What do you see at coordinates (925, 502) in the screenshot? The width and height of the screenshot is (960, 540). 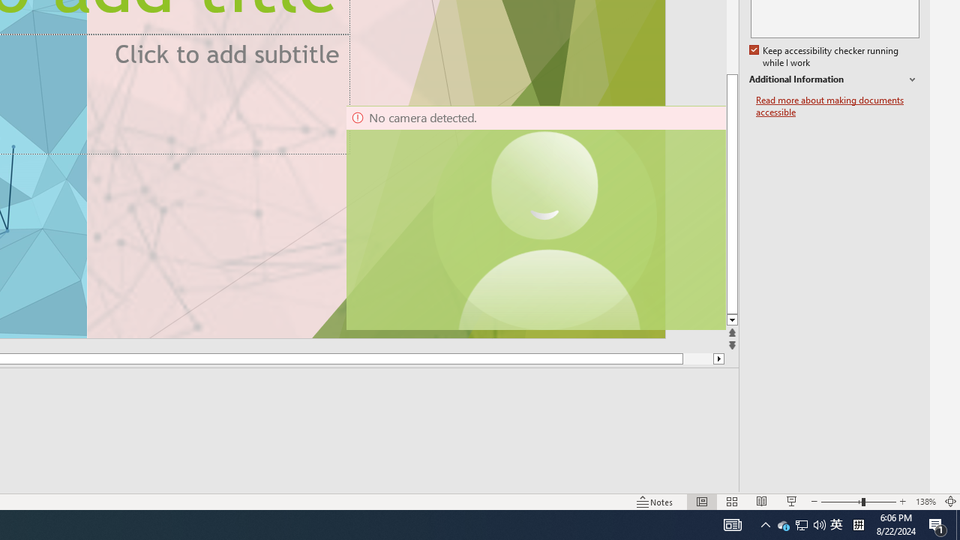 I see `'Zoom 138%'` at bounding box center [925, 502].